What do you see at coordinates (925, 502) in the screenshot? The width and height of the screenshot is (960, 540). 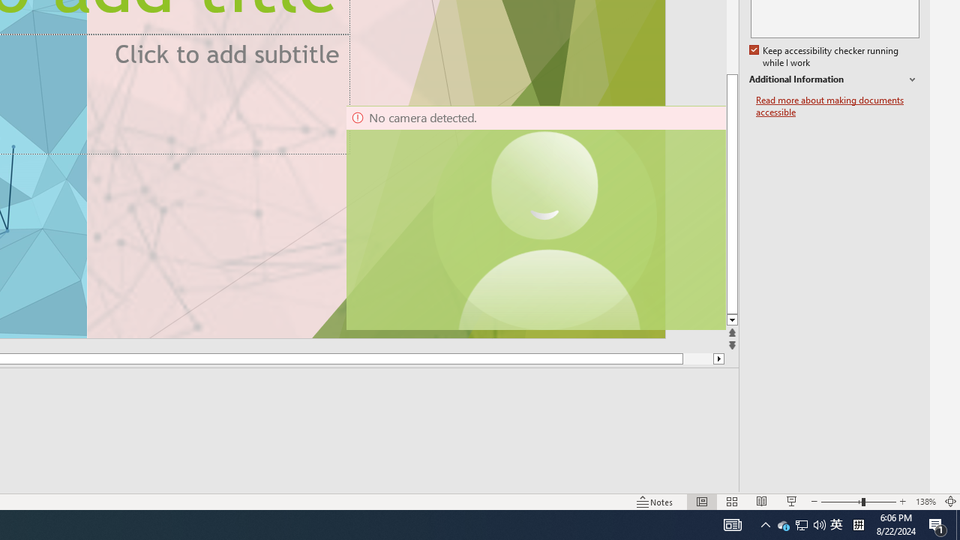 I see `'Zoom 138%'` at bounding box center [925, 502].